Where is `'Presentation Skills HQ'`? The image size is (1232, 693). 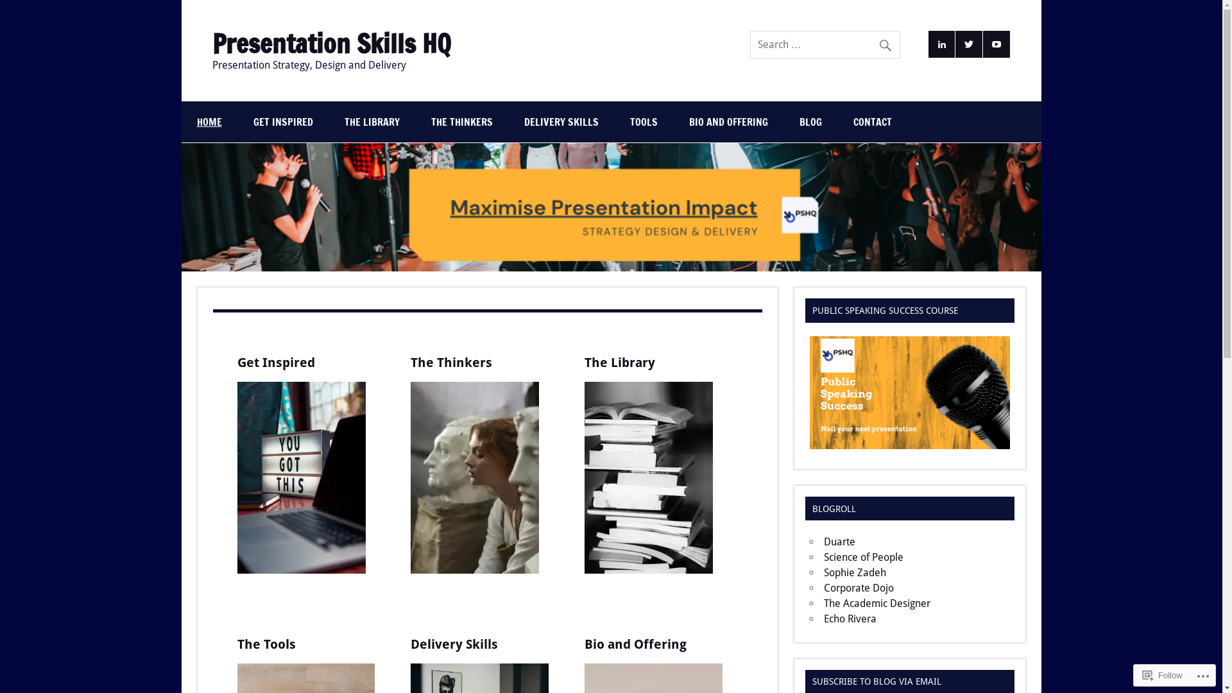 'Presentation Skills HQ' is located at coordinates (330, 43).